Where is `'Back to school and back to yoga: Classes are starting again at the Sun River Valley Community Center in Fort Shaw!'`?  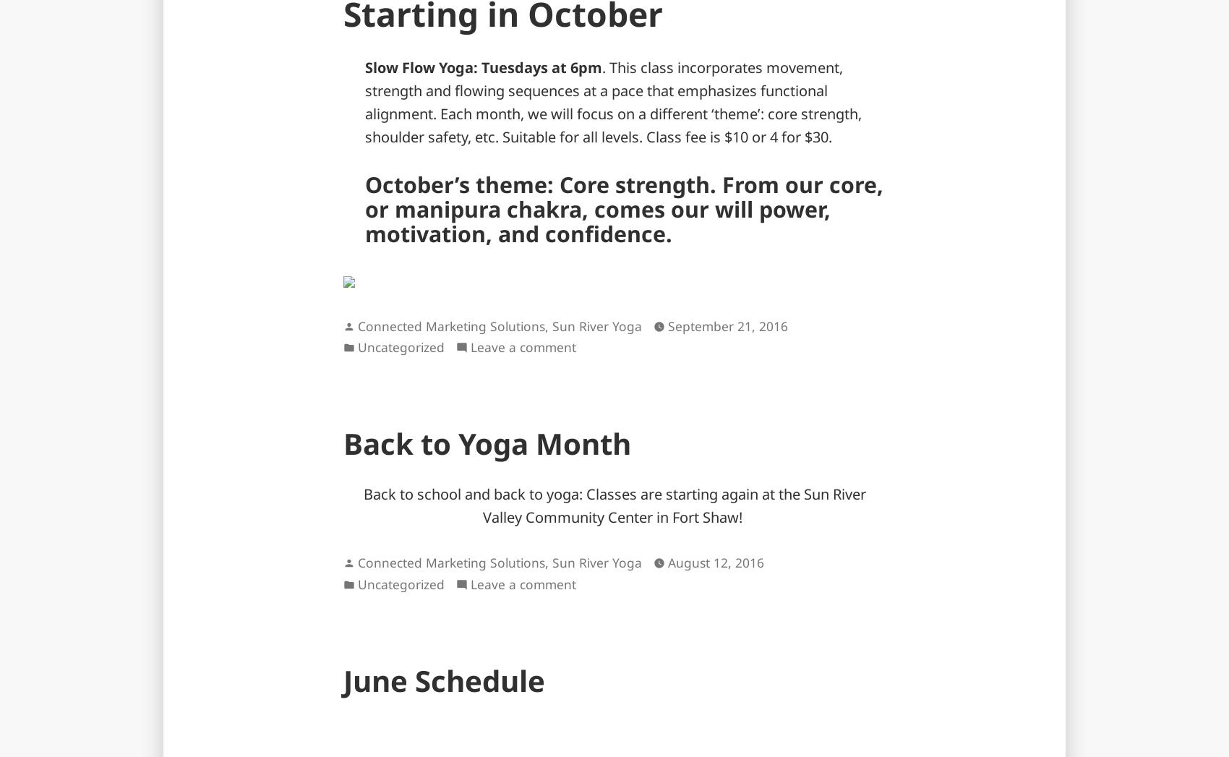
'Back to school and back to yoga: Classes are starting again at the Sun River Valley Community Center in Fort Shaw!' is located at coordinates (363, 505).